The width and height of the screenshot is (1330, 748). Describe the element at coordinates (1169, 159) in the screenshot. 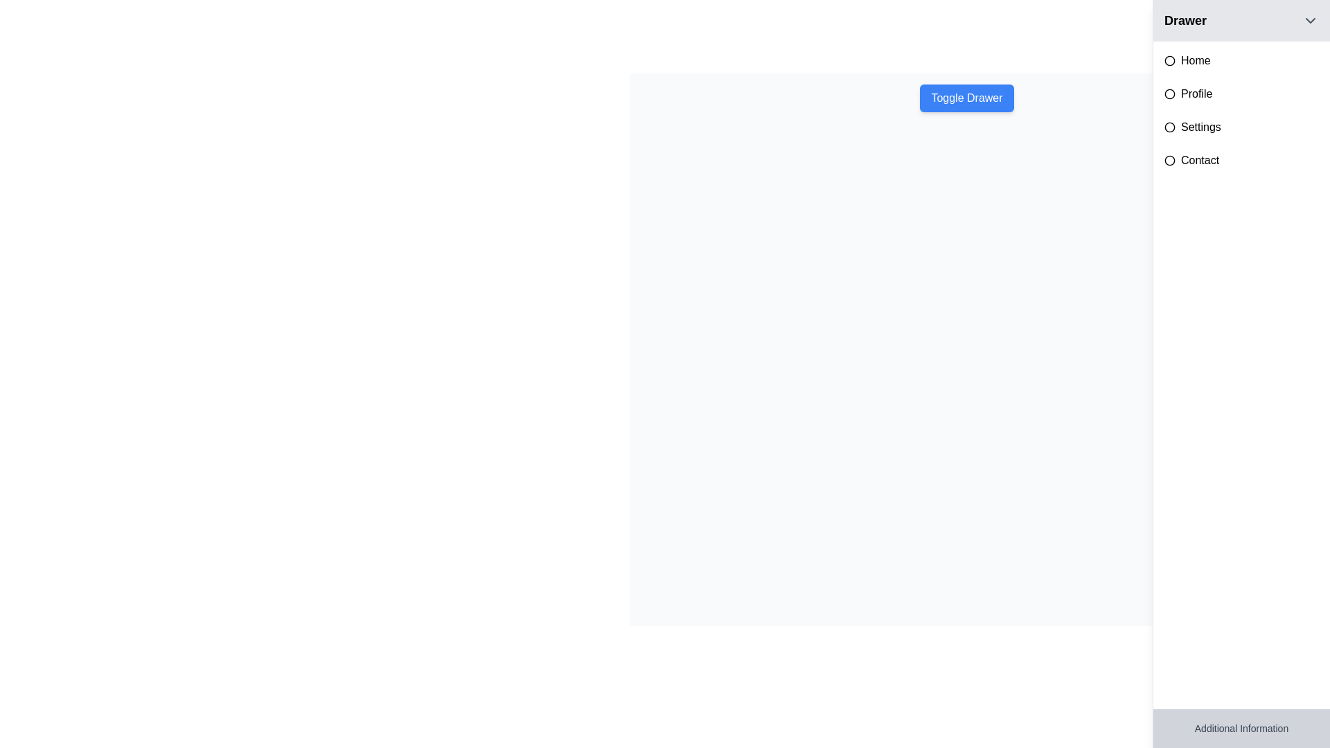

I see `the circular outline icon adjacent to the 'Contact' text in the sidebar labeled 'Drawer'` at that location.